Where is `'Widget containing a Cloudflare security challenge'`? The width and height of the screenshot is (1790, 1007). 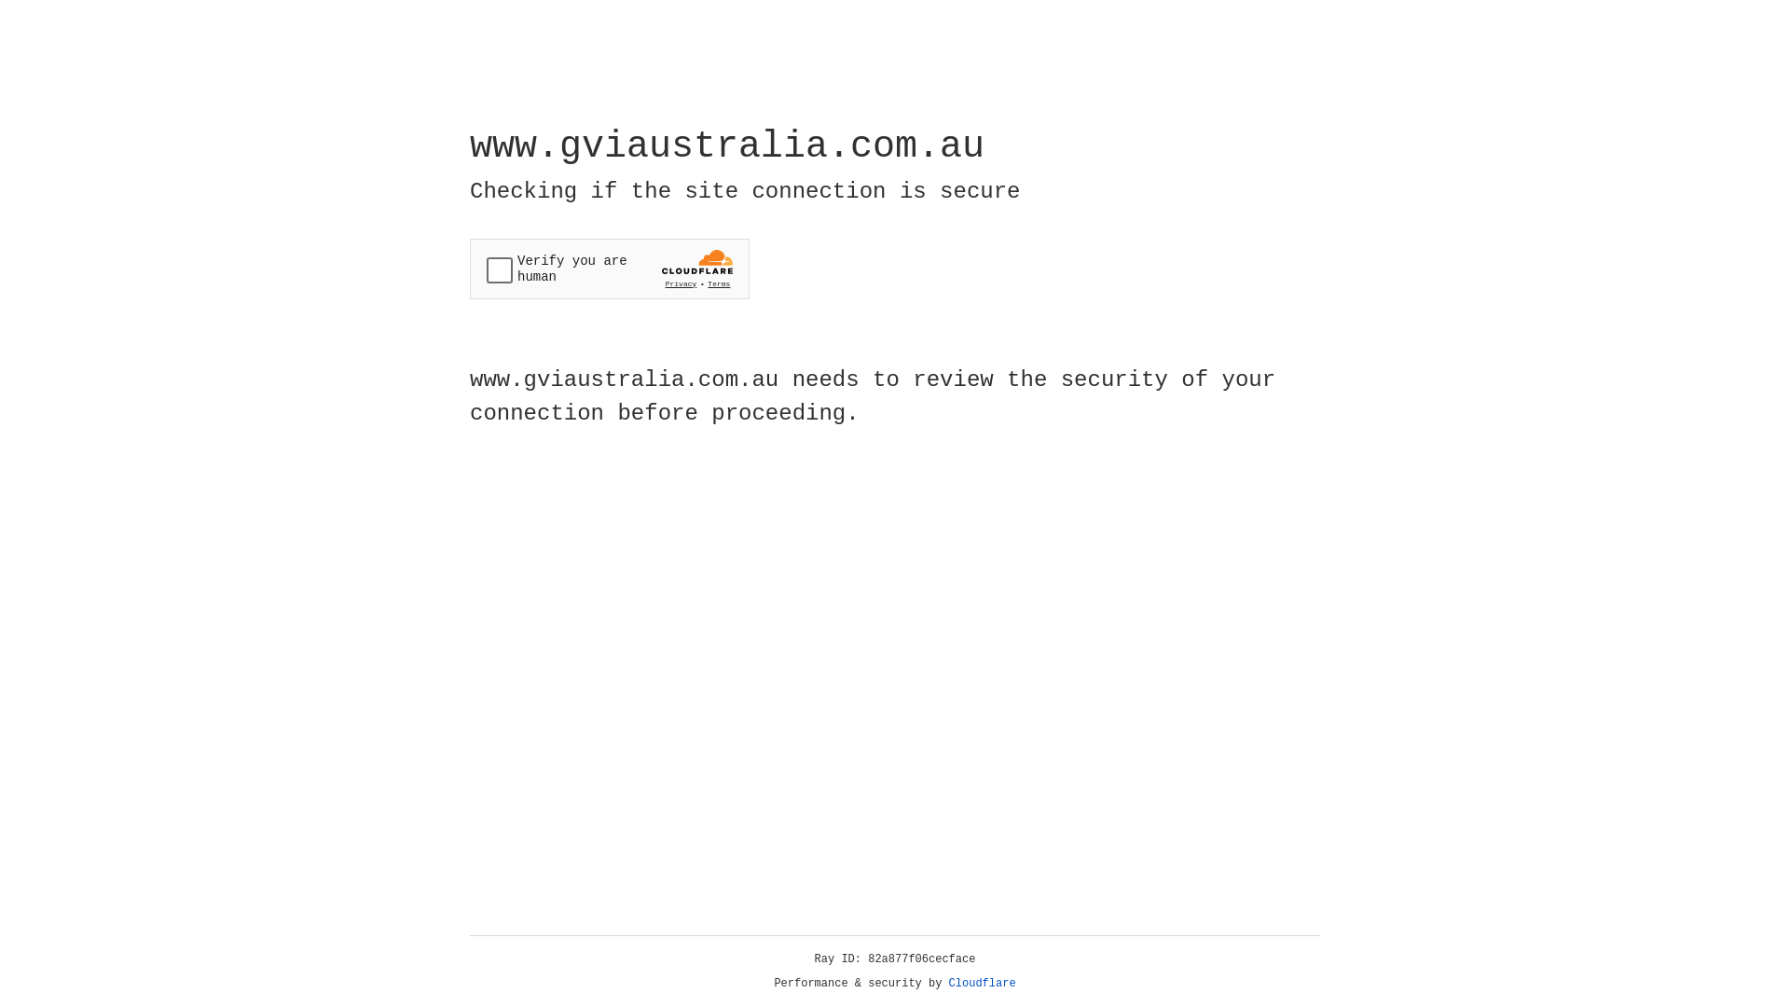 'Widget containing a Cloudflare security challenge' is located at coordinates (609, 269).